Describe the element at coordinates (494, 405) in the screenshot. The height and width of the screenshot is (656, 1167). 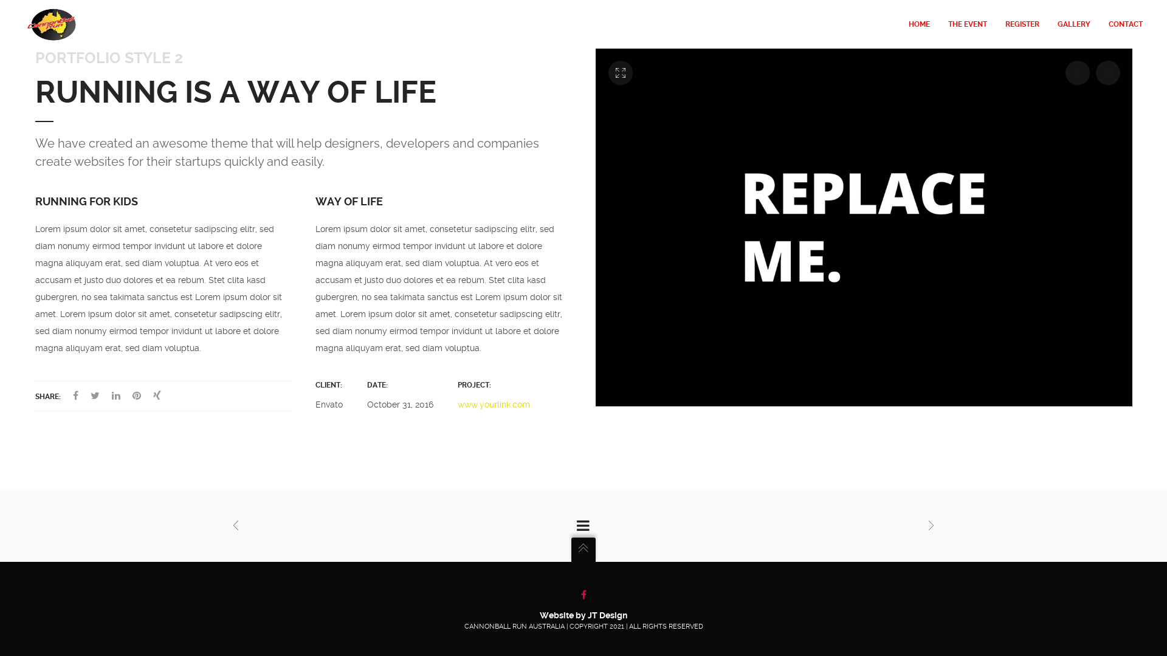
I see `'www.yourlink.com'` at that location.